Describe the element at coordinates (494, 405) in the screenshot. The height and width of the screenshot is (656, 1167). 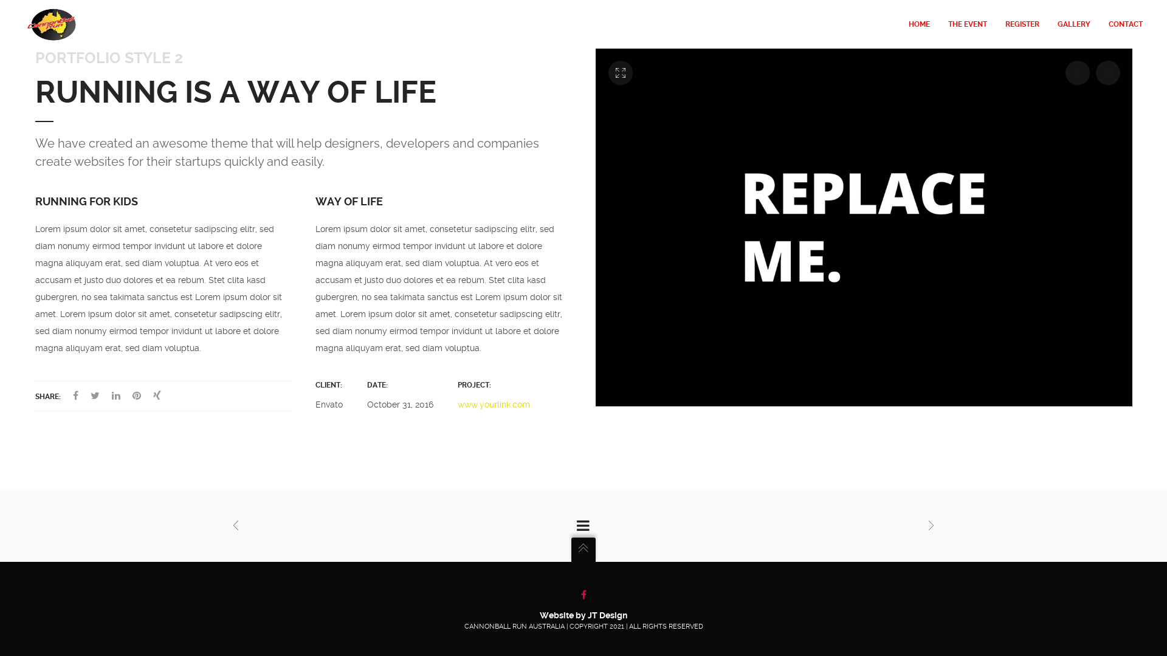
I see `'www.yourlink.com'` at that location.